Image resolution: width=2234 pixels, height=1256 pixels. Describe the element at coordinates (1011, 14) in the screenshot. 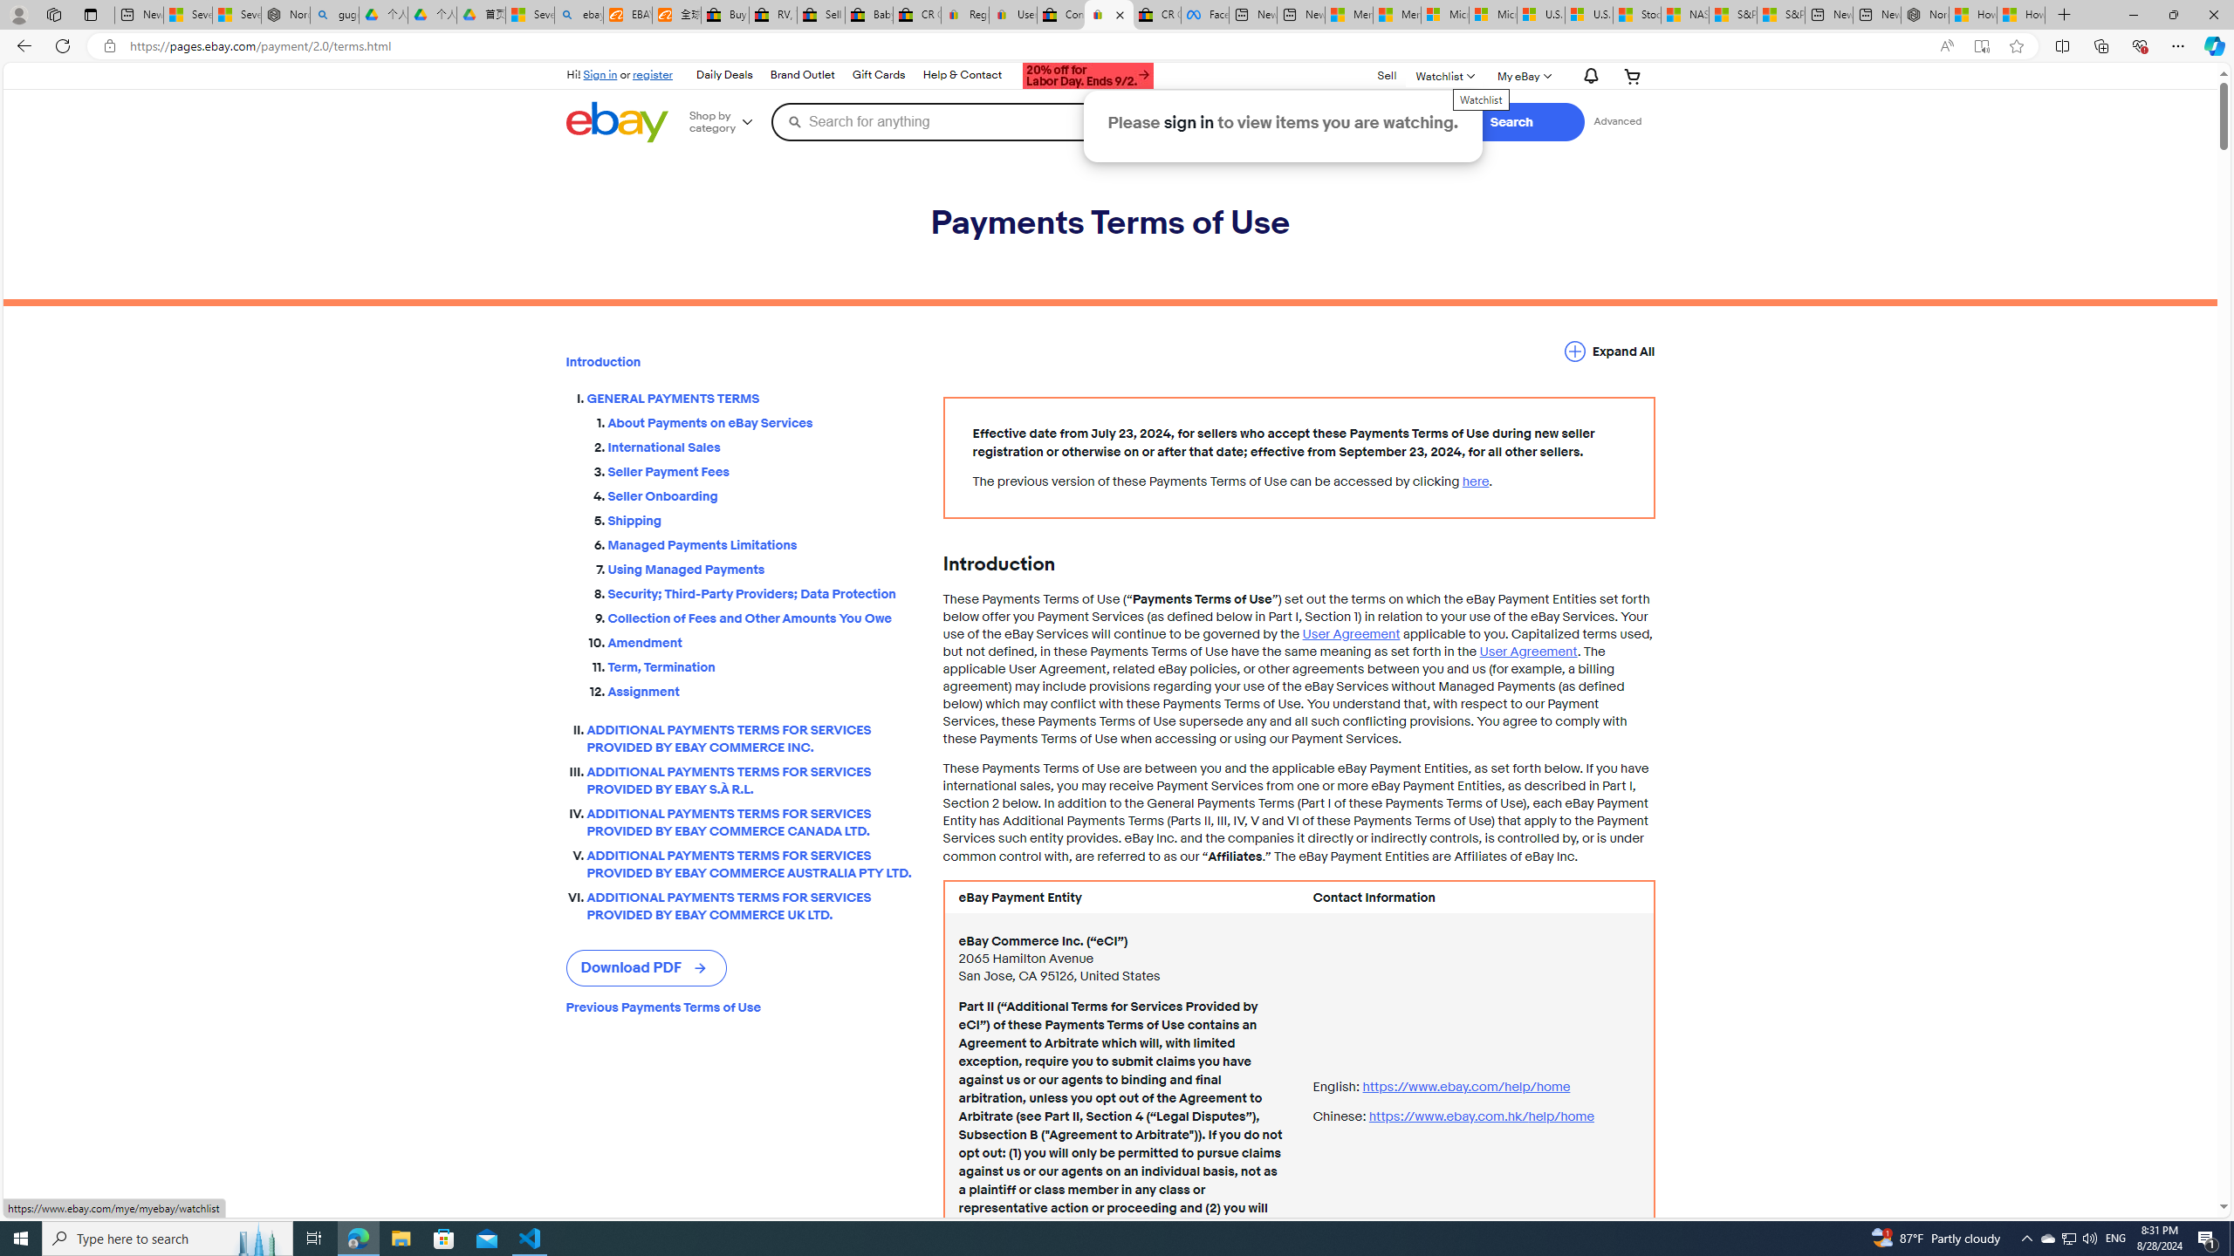

I see `'User Privacy Notice | eBay'` at that location.